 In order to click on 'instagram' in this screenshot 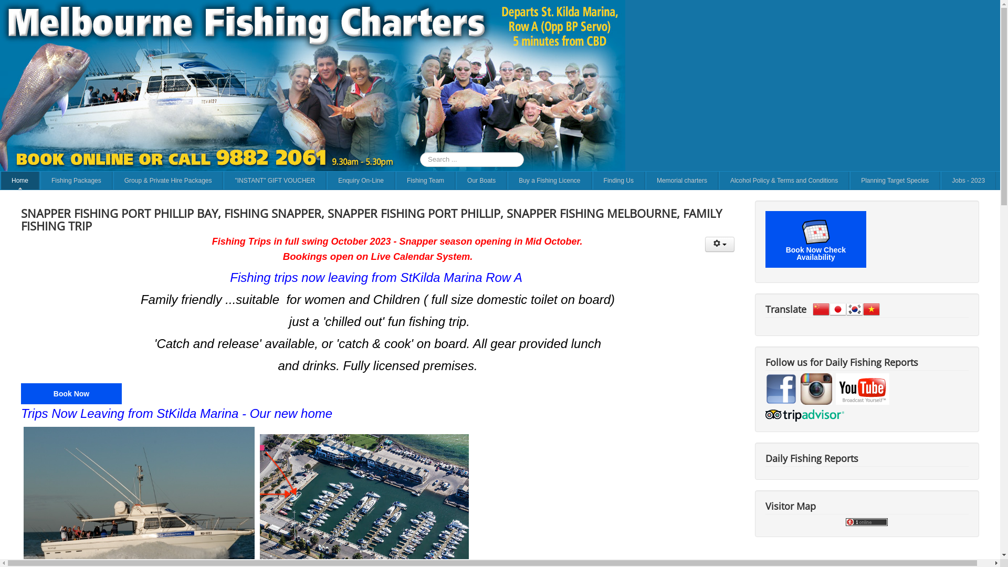, I will do `click(816, 388)`.